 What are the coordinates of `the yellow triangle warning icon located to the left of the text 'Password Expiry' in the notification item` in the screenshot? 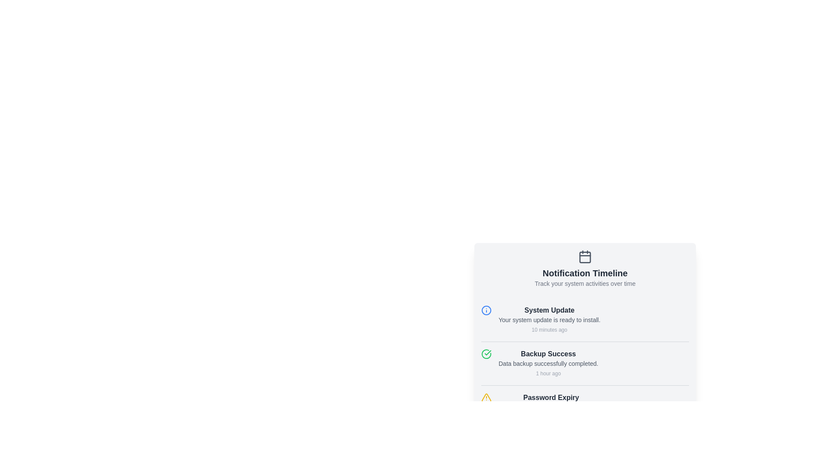 It's located at (486, 398).